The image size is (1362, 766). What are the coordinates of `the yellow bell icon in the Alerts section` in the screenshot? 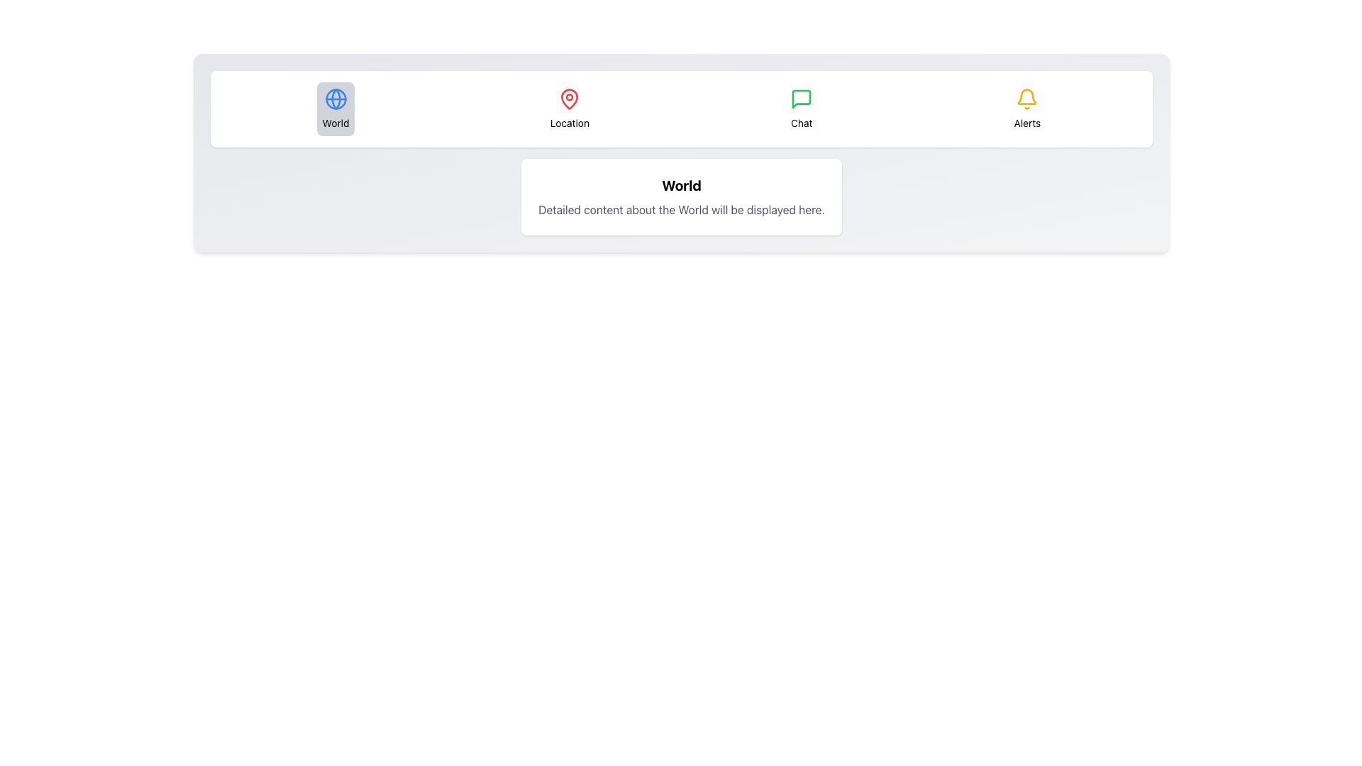 It's located at (1027, 98).